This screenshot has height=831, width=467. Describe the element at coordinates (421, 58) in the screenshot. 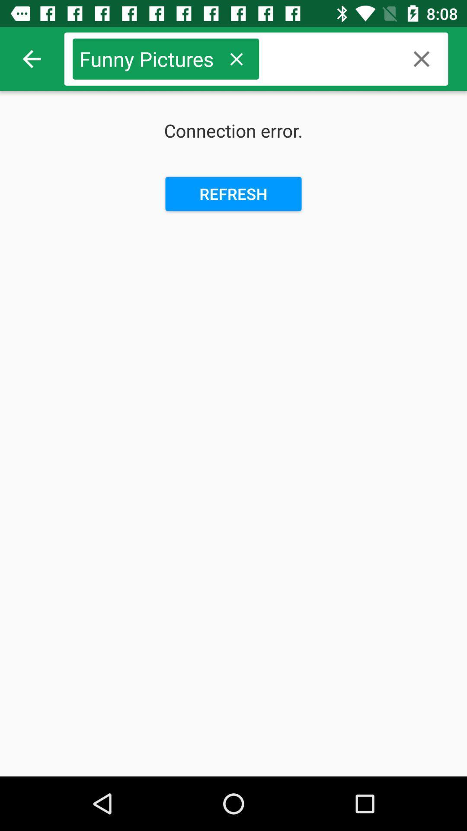

I see `the close icon` at that location.